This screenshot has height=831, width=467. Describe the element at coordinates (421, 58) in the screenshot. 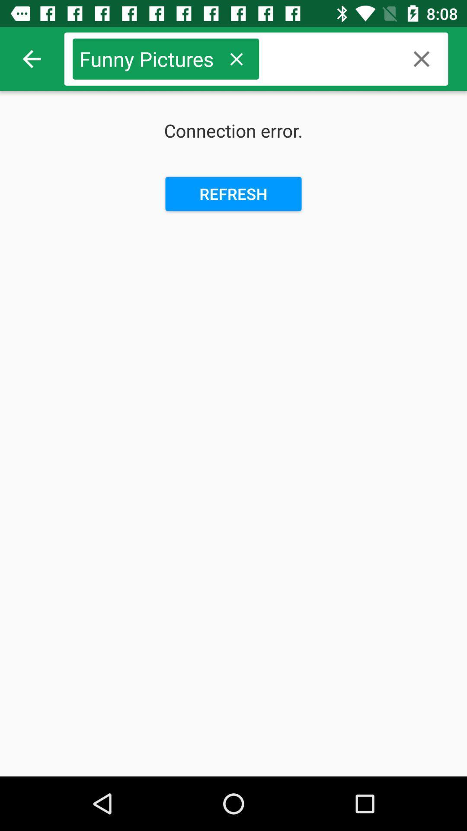

I see `the close icon` at that location.